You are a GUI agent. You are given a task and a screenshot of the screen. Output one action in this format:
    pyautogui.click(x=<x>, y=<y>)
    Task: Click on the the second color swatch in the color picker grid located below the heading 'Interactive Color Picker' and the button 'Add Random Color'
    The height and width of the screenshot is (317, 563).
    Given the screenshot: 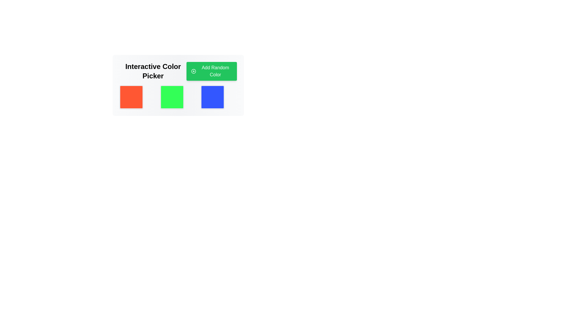 What is the action you would take?
    pyautogui.click(x=178, y=85)
    